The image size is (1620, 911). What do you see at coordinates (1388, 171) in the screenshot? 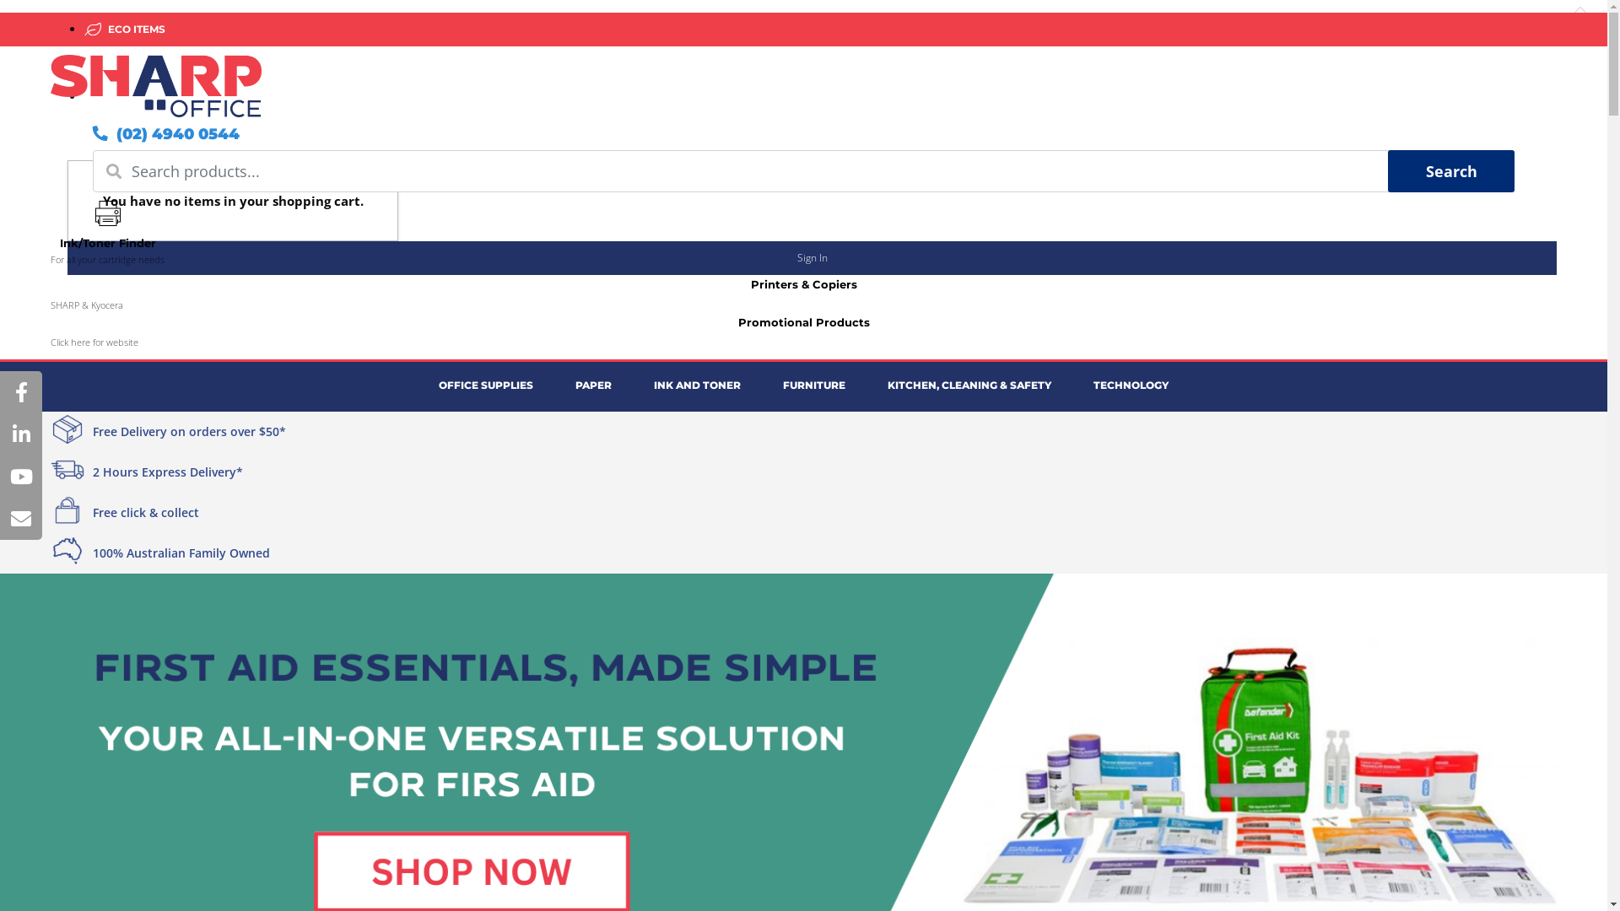
I see `'Search'` at bounding box center [1388, 171].